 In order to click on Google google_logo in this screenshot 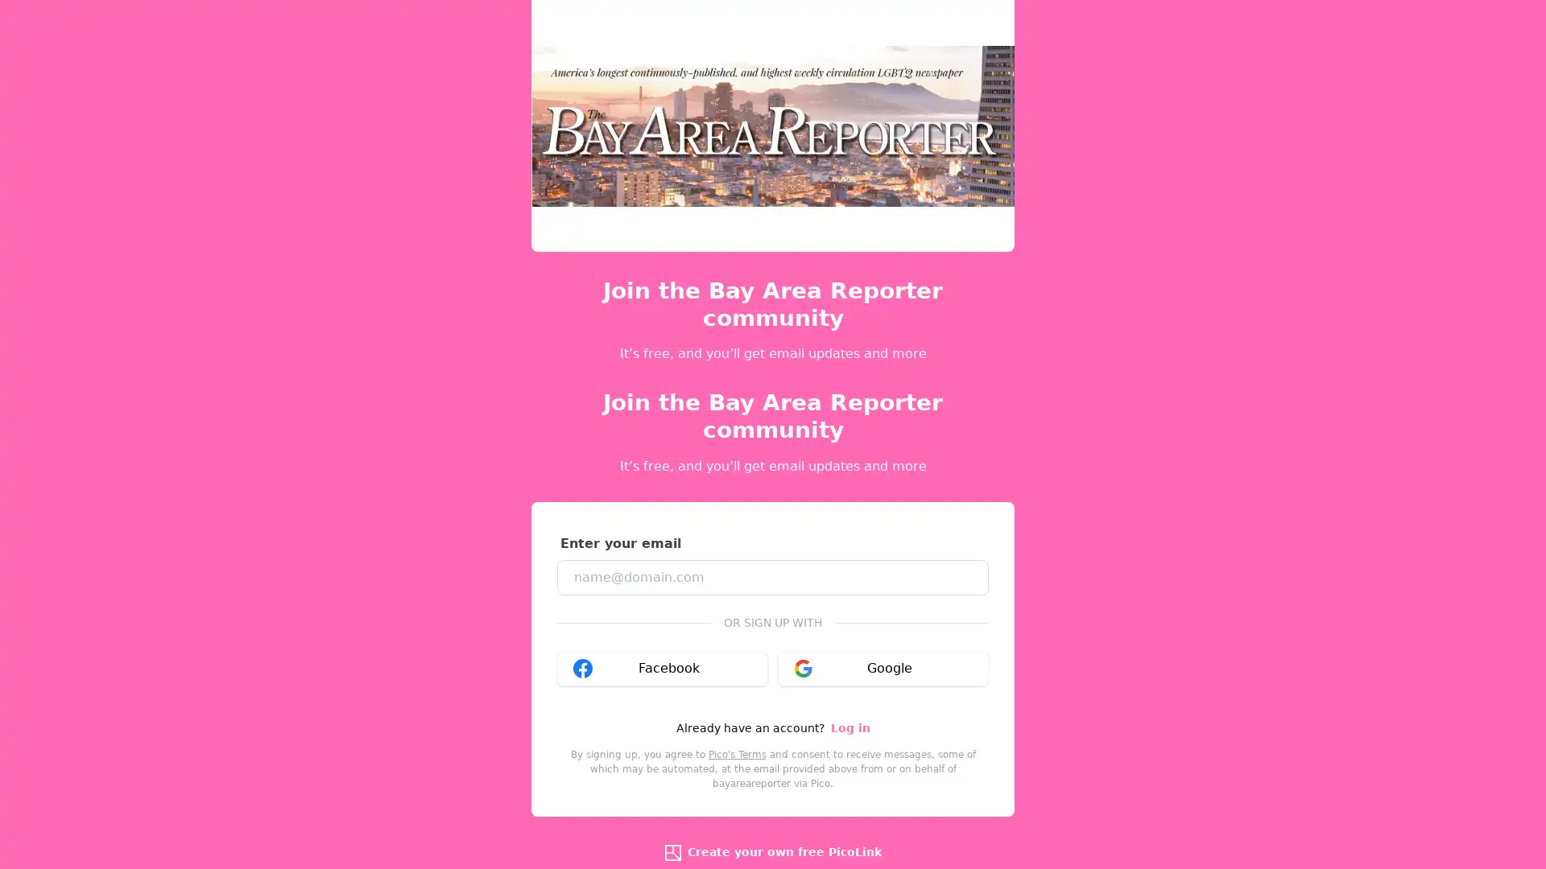, I will do `click(883, 667)`.